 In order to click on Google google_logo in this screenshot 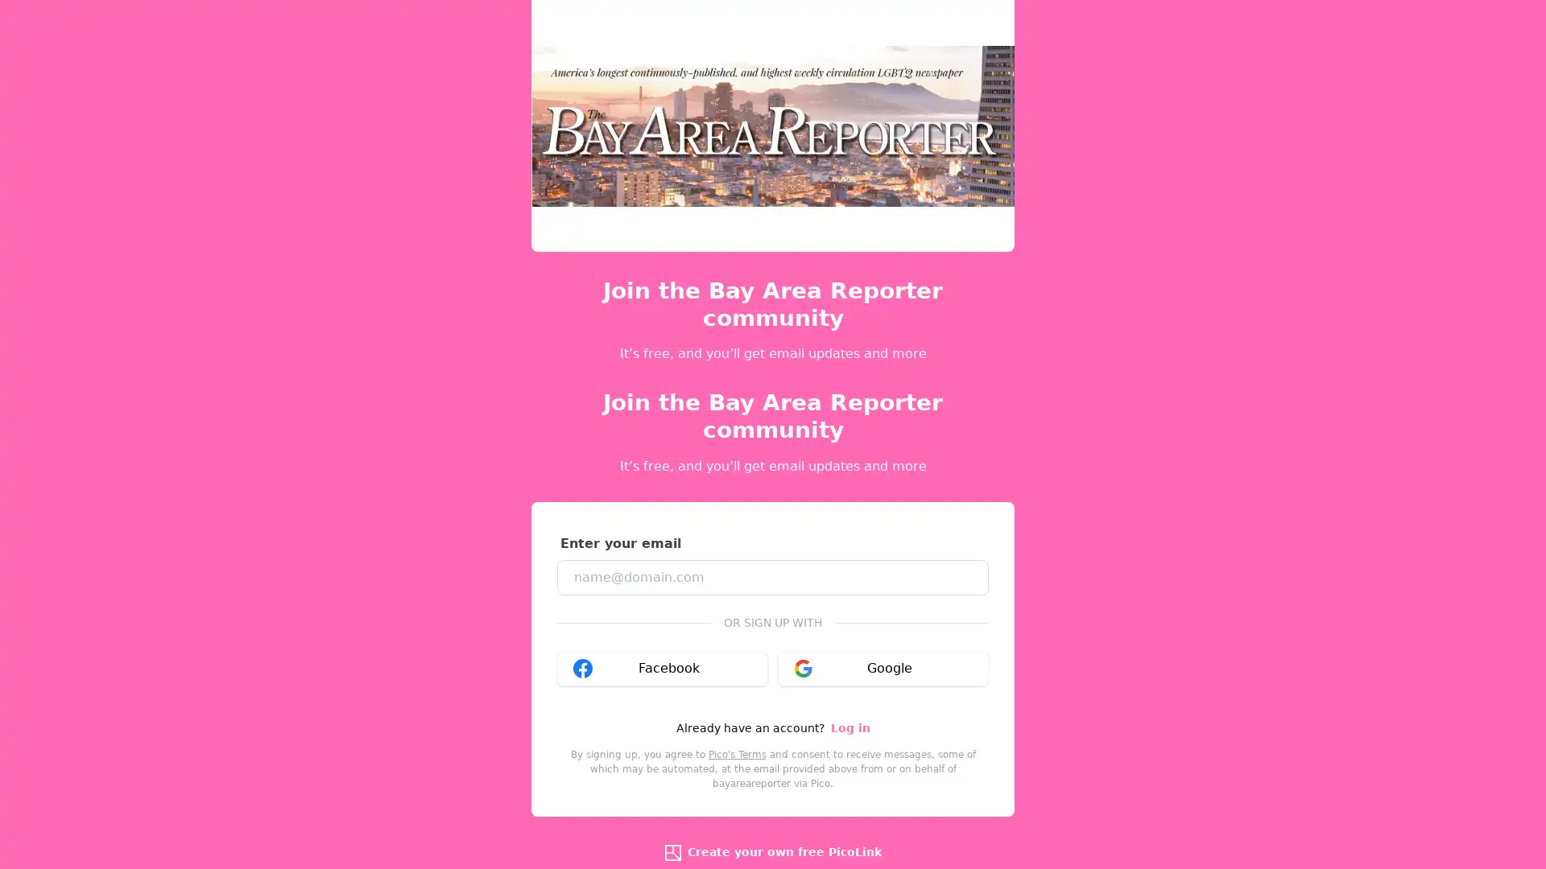, I will do `click(883, 667)`.